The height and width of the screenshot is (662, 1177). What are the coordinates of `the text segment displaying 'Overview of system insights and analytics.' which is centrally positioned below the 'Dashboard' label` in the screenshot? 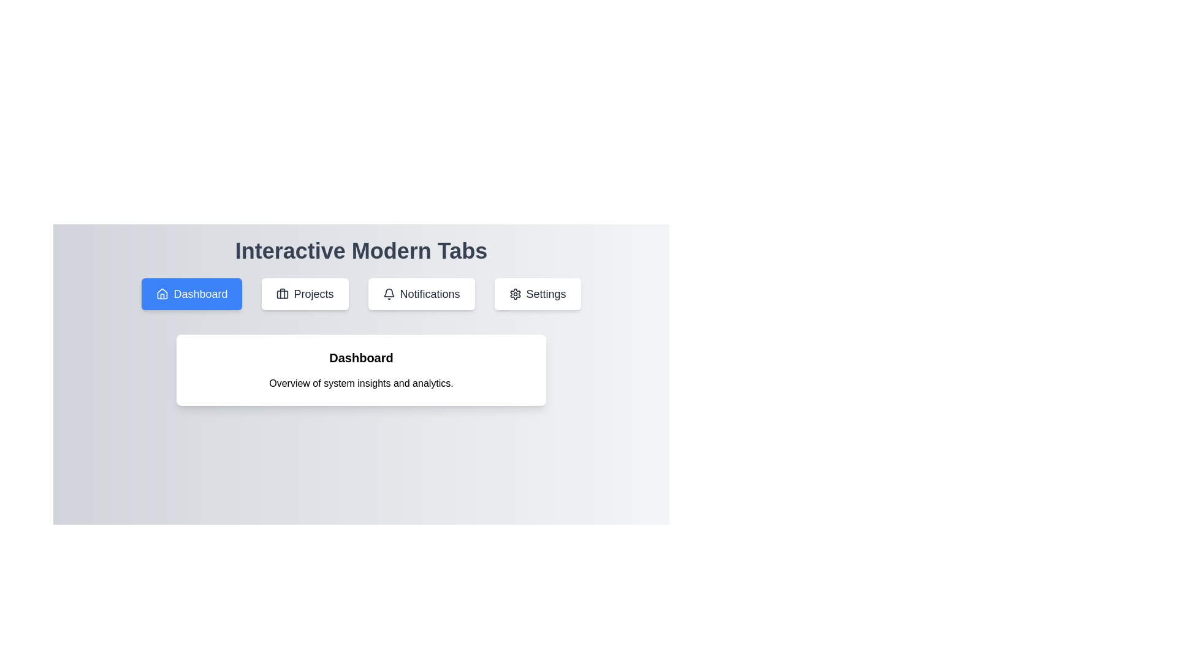 It's located at (360, 382).